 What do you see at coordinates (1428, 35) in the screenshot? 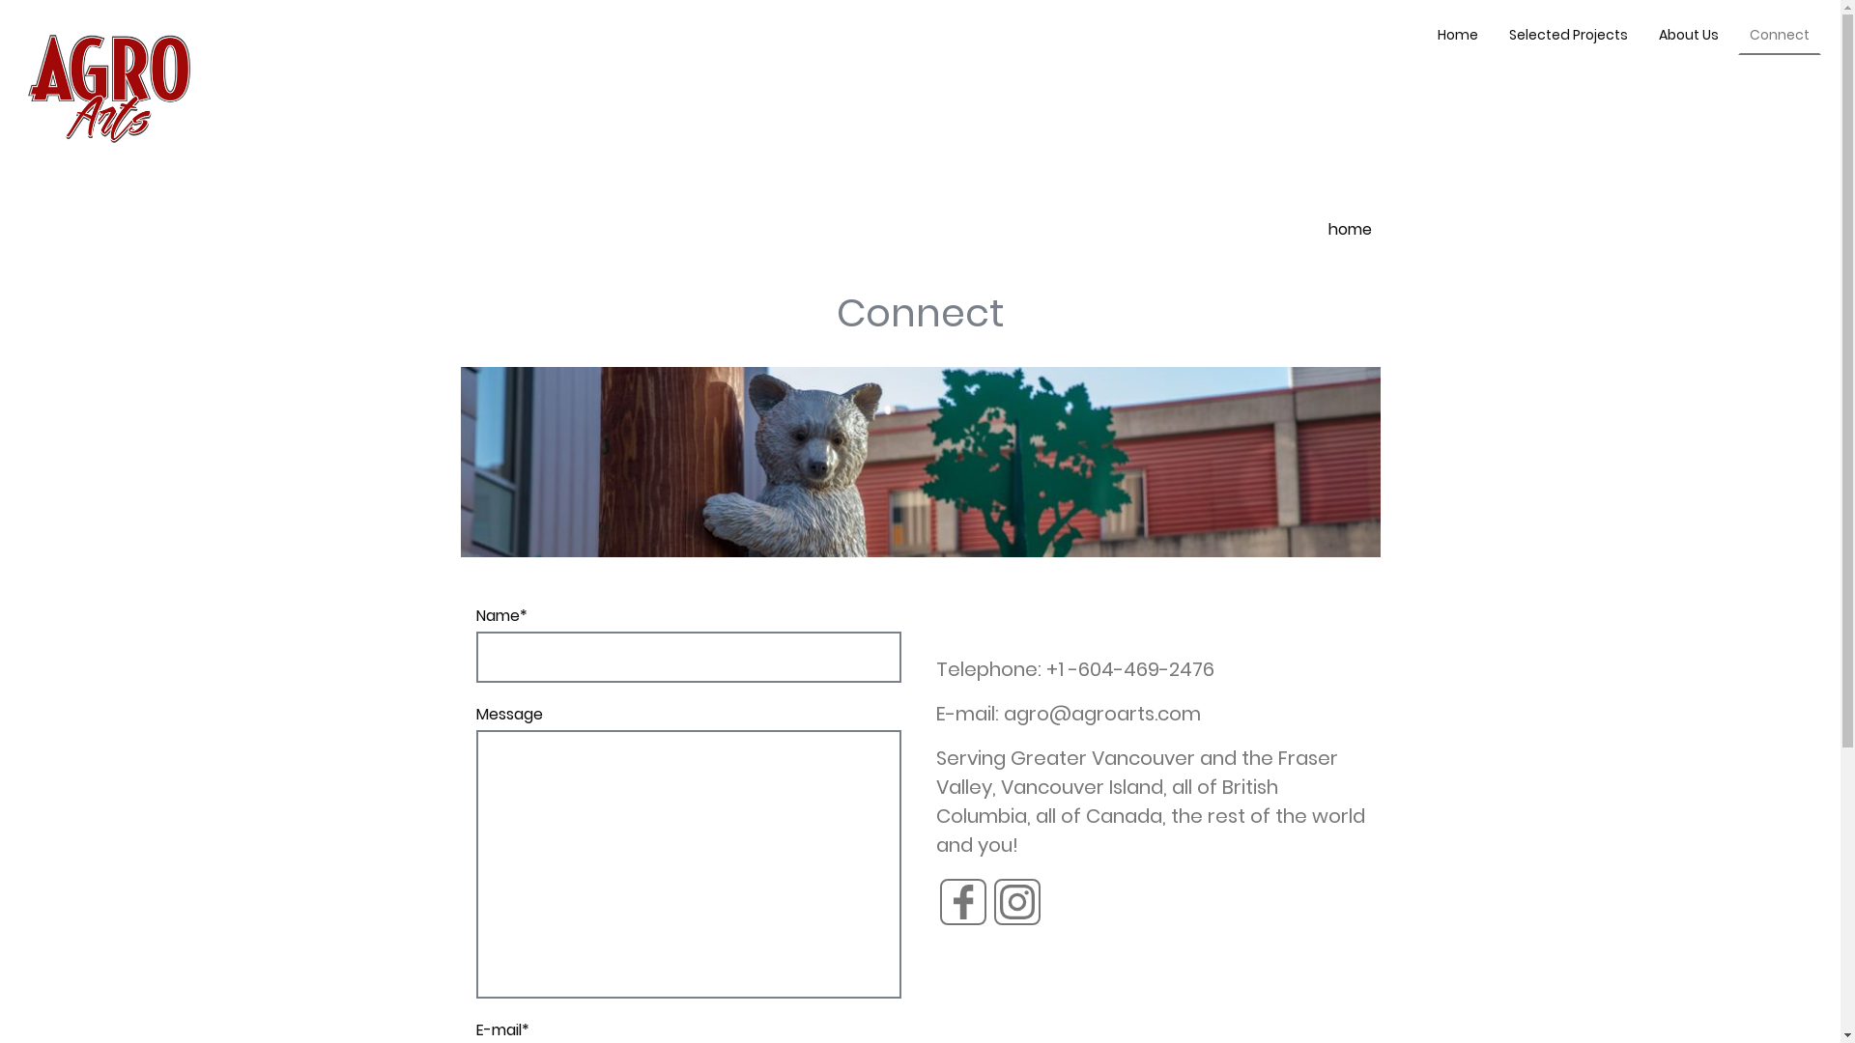
I see `'Home'` at bounding box center [1428, 35].